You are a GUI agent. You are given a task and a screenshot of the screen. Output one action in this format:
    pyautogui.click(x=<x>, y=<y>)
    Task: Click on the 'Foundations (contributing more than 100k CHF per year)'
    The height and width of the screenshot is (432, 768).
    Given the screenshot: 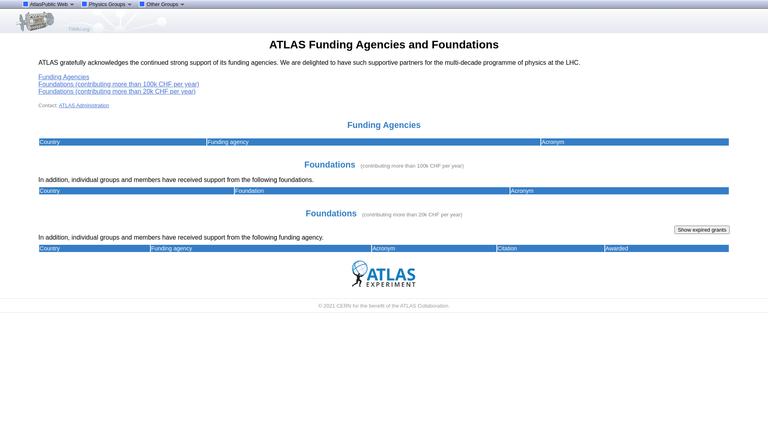 What is the action you would take?
    pyautogui.click(x=118, y=84)
    